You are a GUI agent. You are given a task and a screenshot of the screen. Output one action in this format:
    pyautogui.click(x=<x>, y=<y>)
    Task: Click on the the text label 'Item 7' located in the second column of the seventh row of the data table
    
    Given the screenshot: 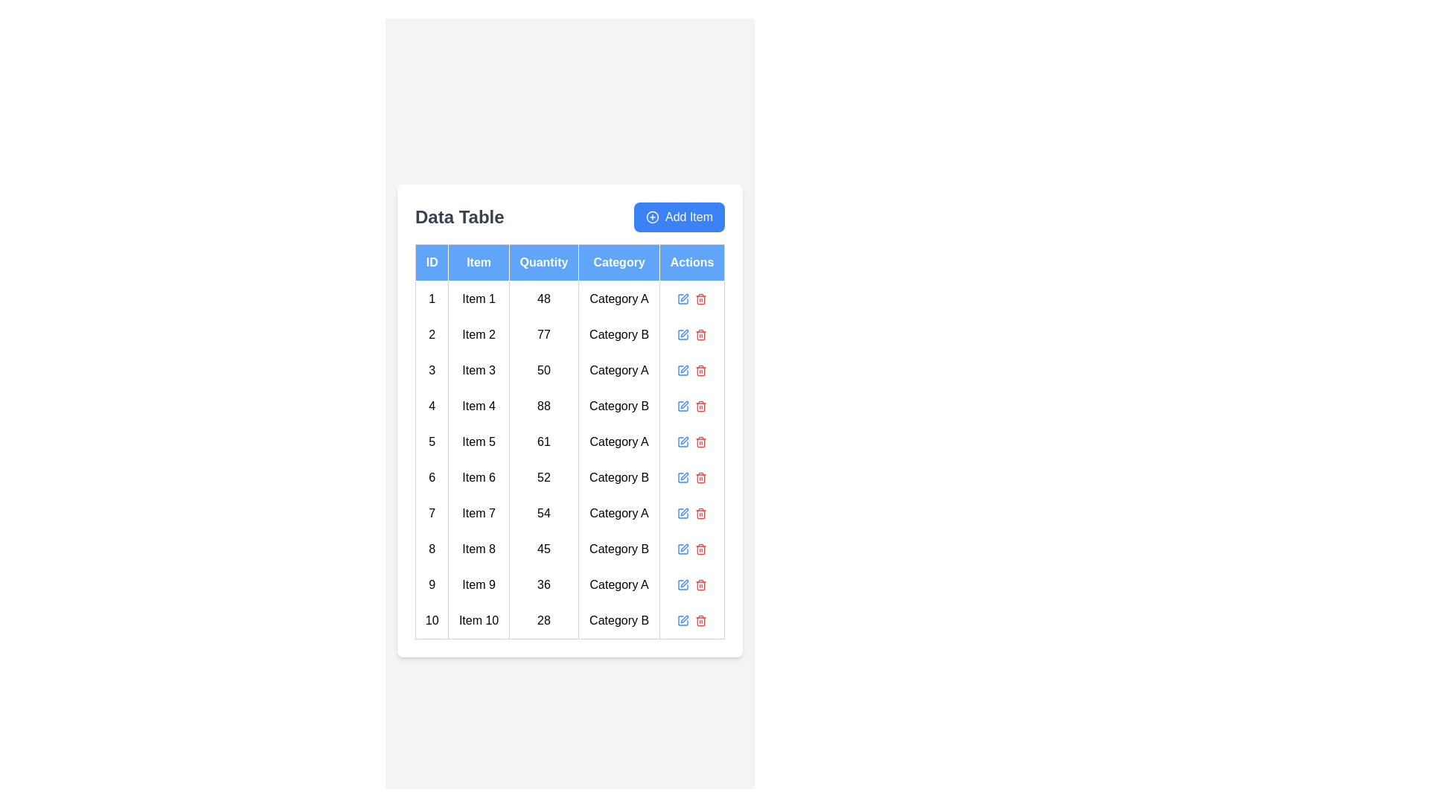 What is the action you would take?
    pyautogui.click(x=479, y=512)
    